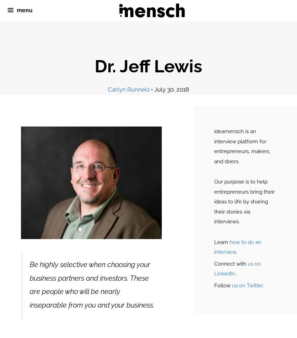  I want to click on 'us on Twitter.', so click(247, 285).